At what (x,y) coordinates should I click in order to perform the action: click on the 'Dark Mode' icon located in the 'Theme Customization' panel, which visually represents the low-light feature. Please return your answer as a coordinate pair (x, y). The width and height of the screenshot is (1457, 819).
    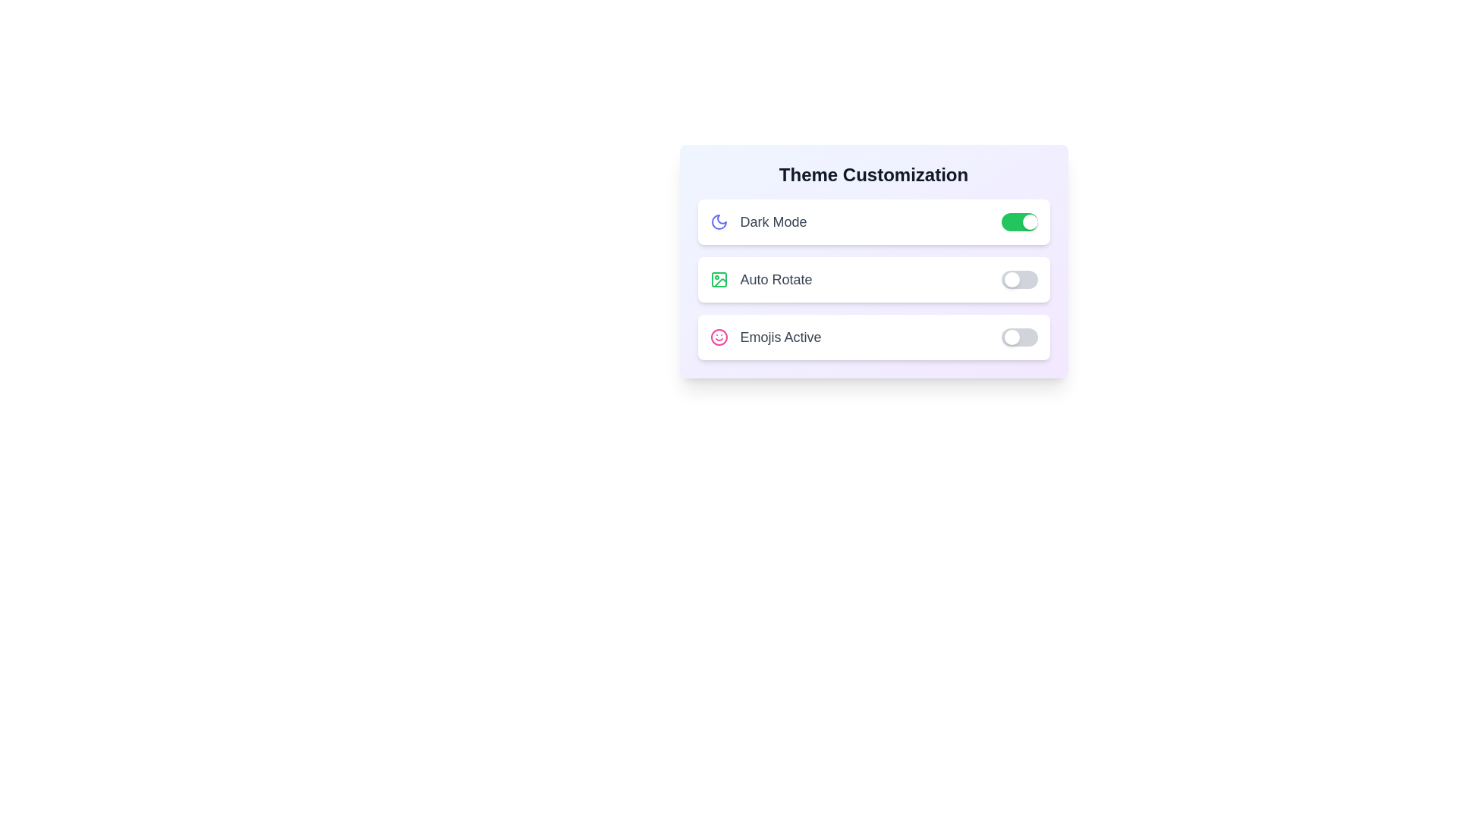
    Looking at the image, I should click on (718, 222).